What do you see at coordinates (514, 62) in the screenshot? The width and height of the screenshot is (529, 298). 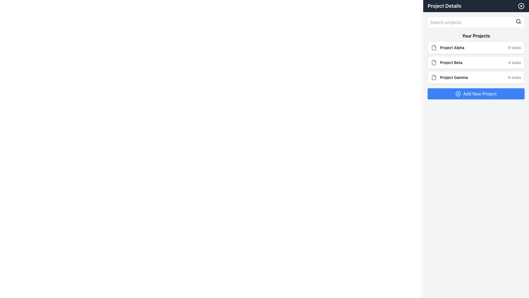 I see `the text label displaying '4 tasks' which is located to the right of the 'Project Beta' section in the 'Your Projects' menu` at bounding box center [514, 62].